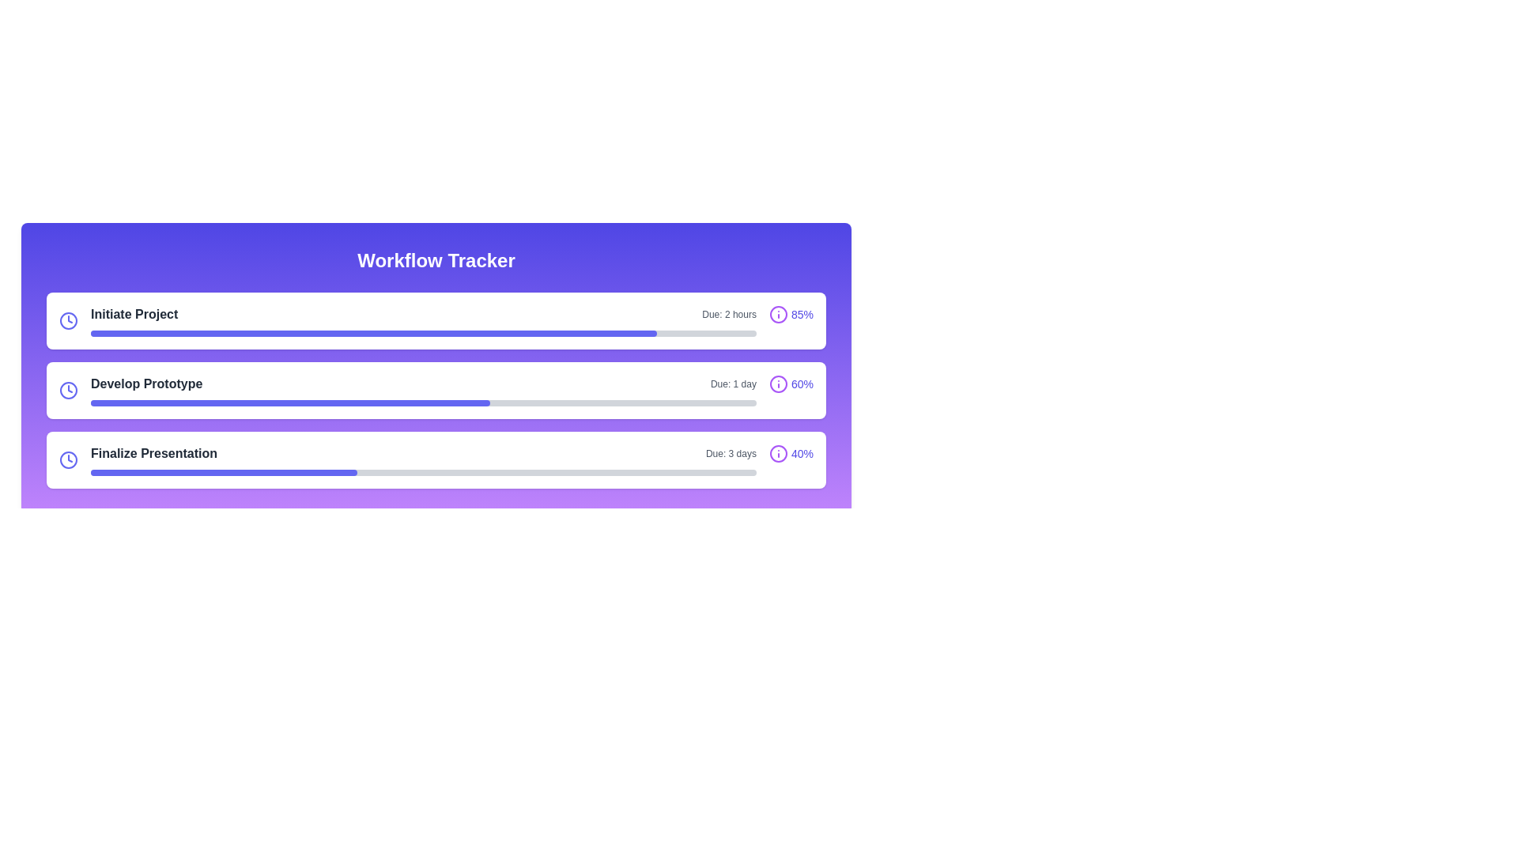 This screenshot has height=854, width=1518. Describe the element at coordinates (778, 314) in the screenshot. I see `attributes of the larger circular shape component of the SVG-based icon that indicates an '85%' completion rate, located to the right of the 'Due: 2 hours' text in the first task item of the workflow tracker interface` at that location.